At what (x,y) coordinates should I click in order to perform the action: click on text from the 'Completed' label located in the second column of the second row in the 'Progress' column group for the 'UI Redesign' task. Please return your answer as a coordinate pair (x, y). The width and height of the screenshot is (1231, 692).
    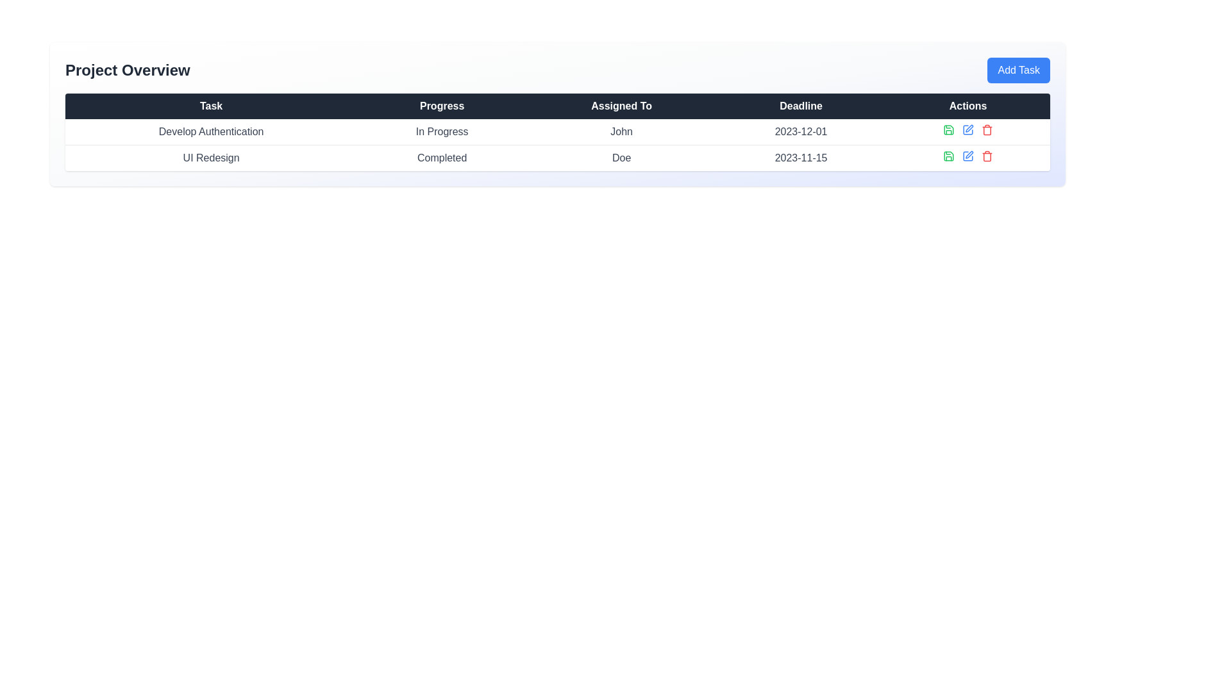
    Looking at the image, I should click on (442, 157).